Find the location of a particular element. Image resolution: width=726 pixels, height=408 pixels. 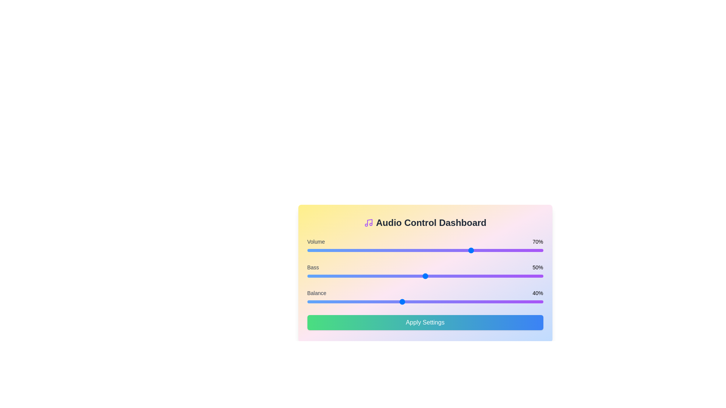

balance is located at coordinates (319, 301).